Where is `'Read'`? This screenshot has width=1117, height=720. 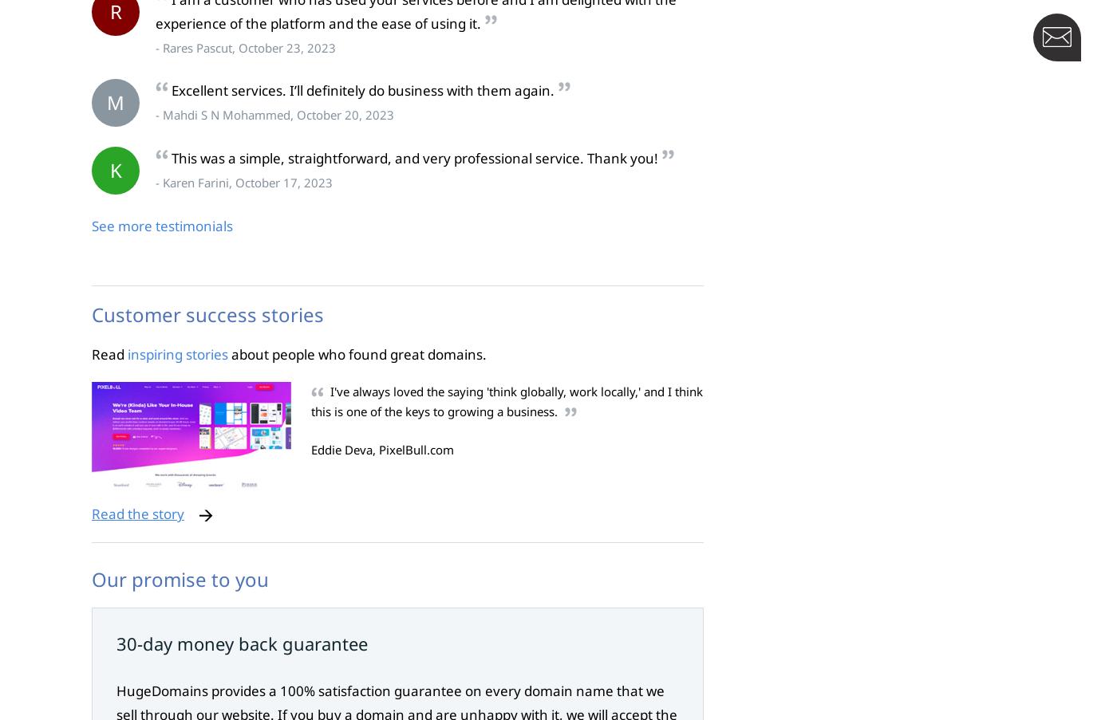
'Read' is located at coordinates (109, 352).